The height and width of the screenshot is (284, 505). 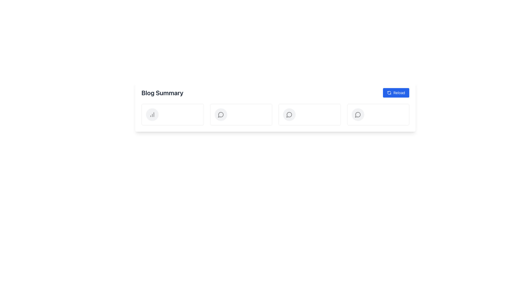 I want to click on the small, circular chat bubble icon located in the fourth box below the 'Blog Summary' title, so click(x=289, y=114).